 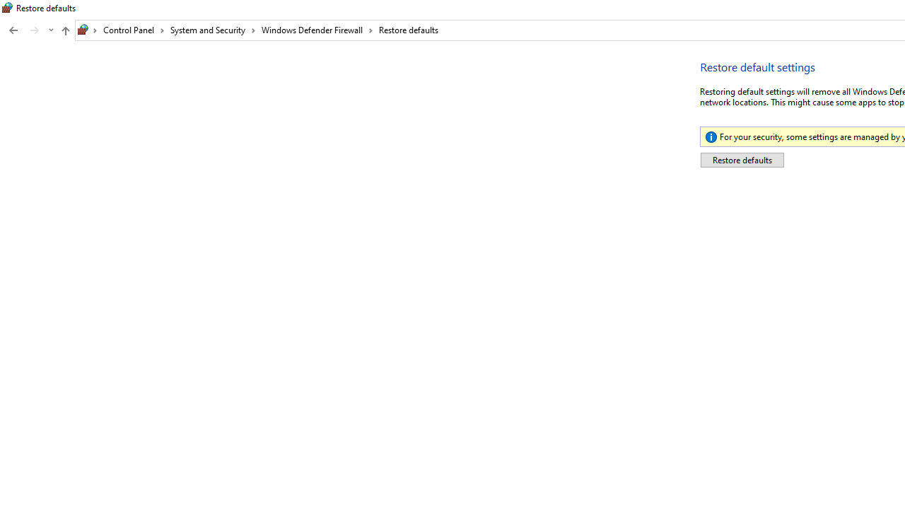 I want to click on 'System', so click(x=7, y=8).